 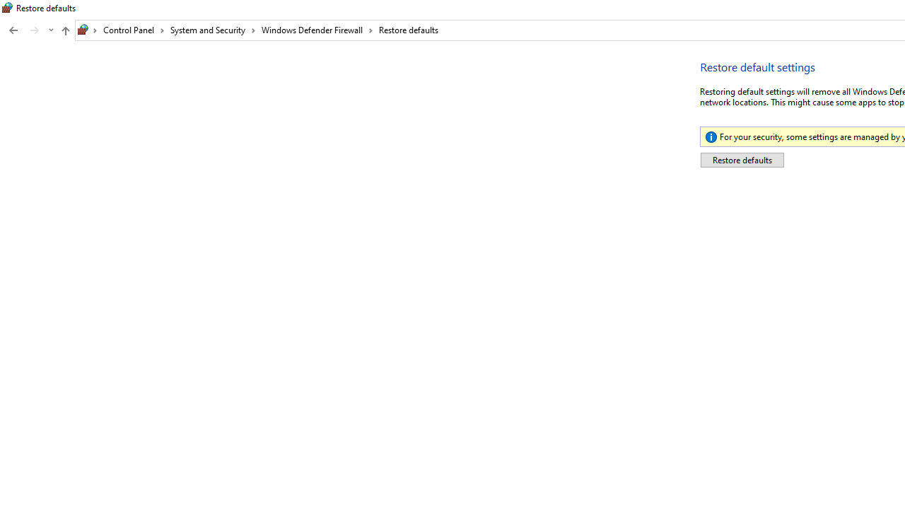 I want to click on 'System', so click(x=7, y=8).